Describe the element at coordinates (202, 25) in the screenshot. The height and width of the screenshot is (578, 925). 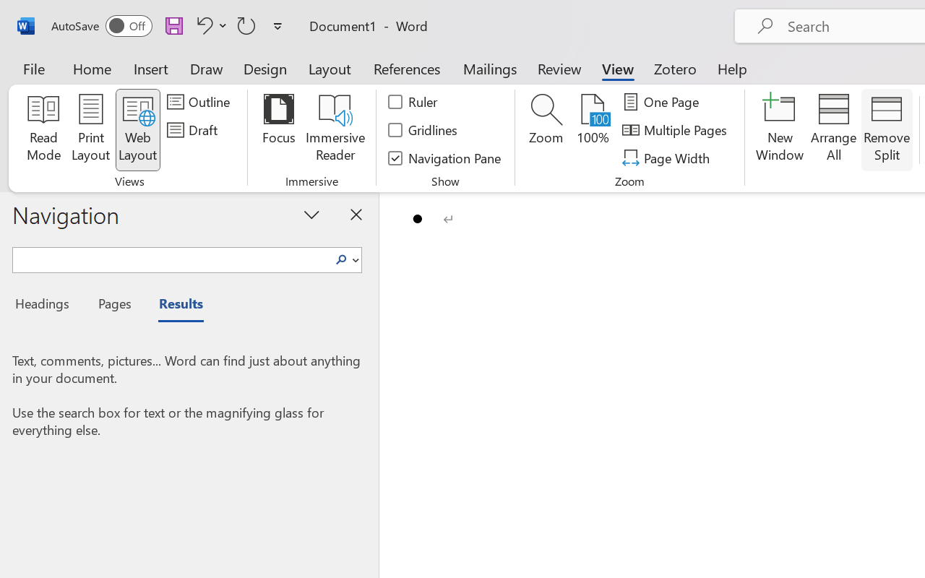
I see `'Undo Bullet Default'` at that location.